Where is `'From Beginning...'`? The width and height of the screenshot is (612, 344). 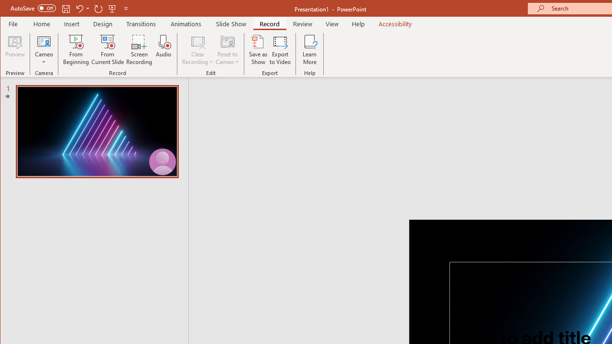 'From Beginning...' is located at coordinates (76, 50).